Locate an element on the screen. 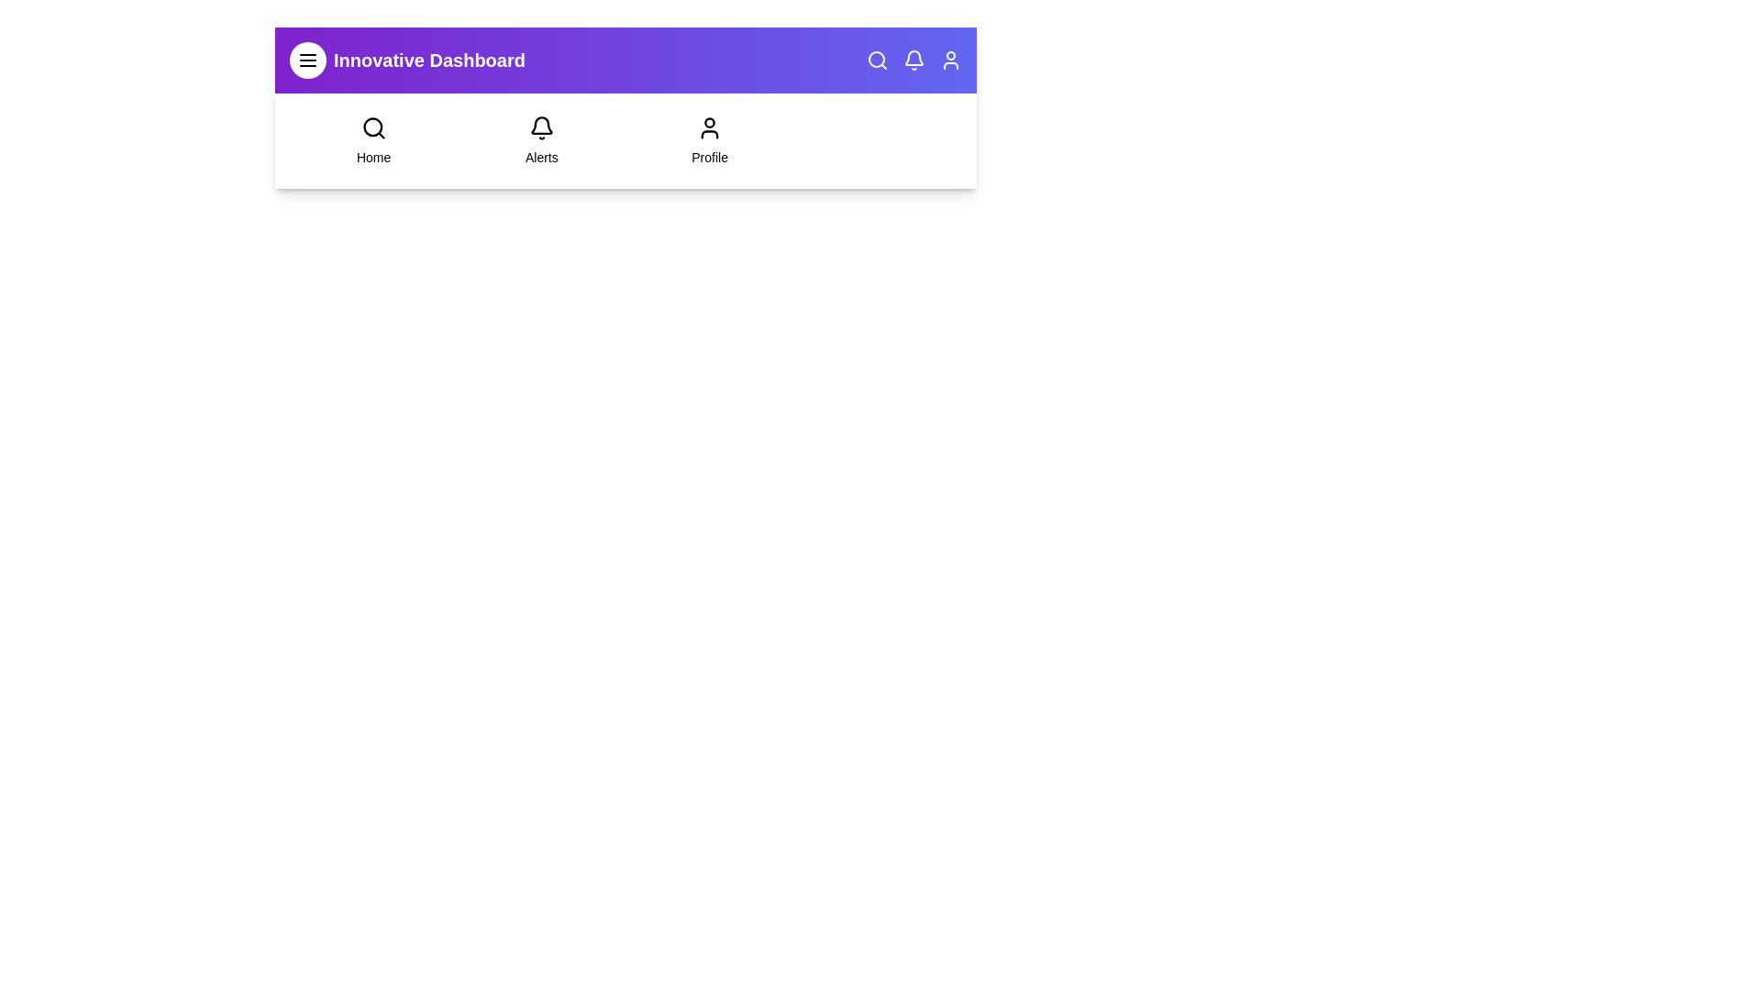 This screenshot has height=990, width=1761. the menu item Profile from the menu is located at coordinates (708, 140).